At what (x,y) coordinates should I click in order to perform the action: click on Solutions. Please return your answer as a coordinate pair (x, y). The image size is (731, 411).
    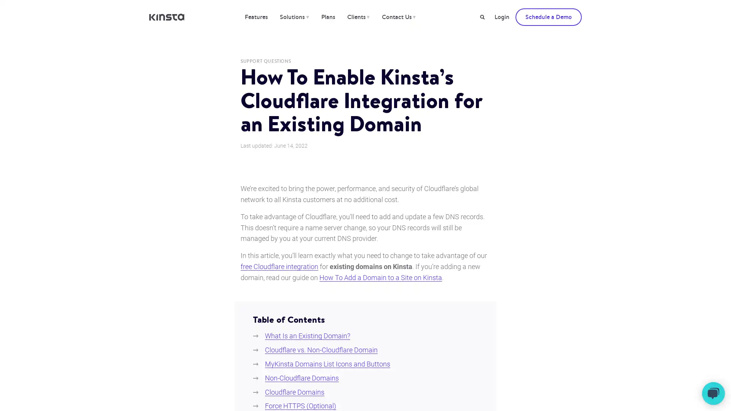
    Looking at the image, I should click on (294, 17).